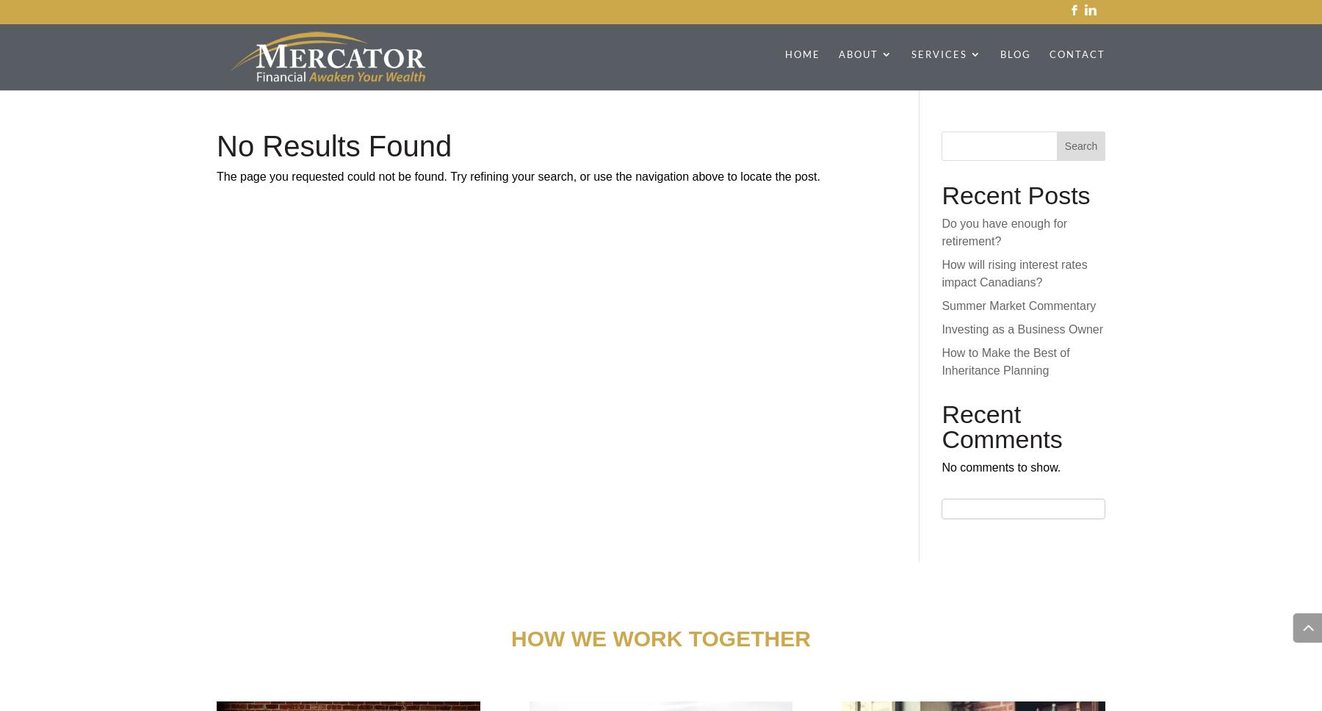 This screenshot has height=711, width=1322. Describe the element at coordinates (802, 52) in the screenshot. I see `'HOME'` at that location.